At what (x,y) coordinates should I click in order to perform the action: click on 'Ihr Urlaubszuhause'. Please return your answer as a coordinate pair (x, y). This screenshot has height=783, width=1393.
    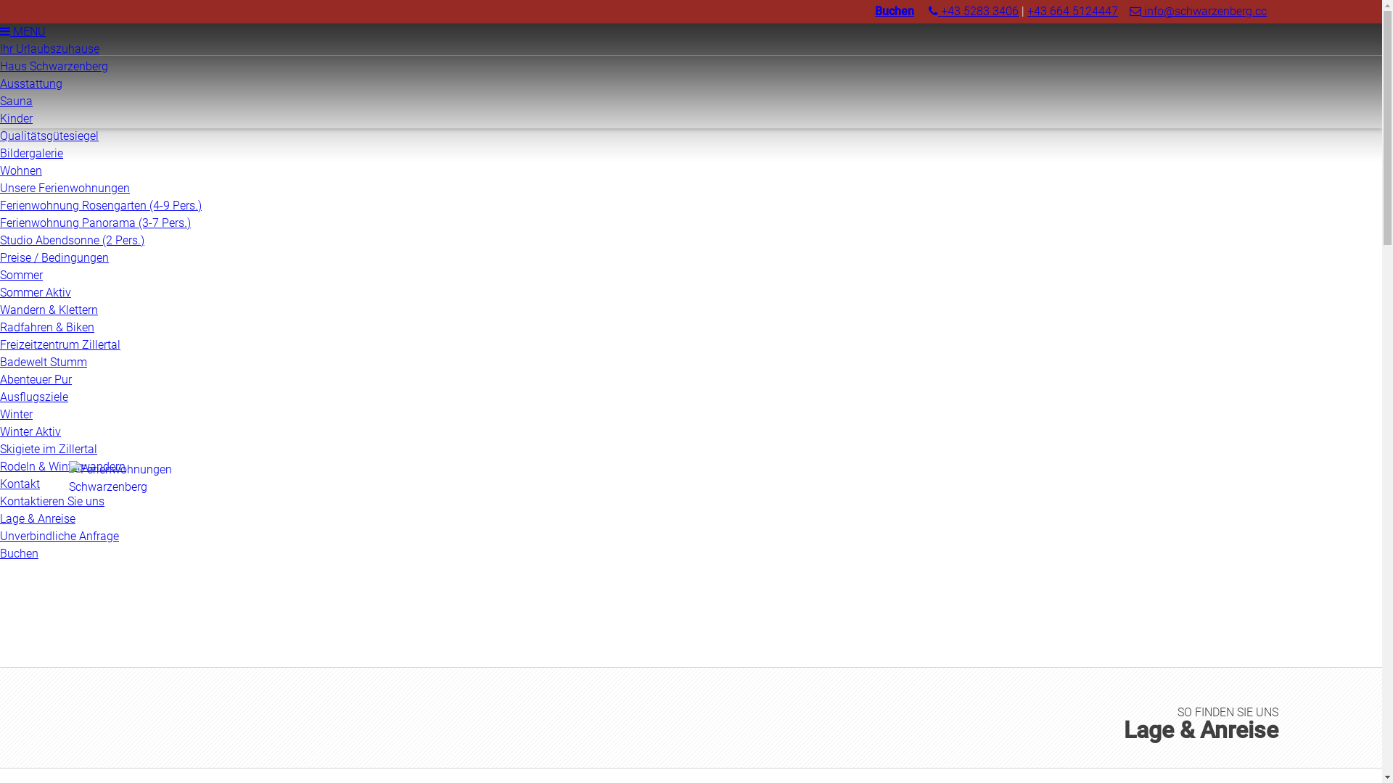
    Looking at the image, I should click on (49, 48).